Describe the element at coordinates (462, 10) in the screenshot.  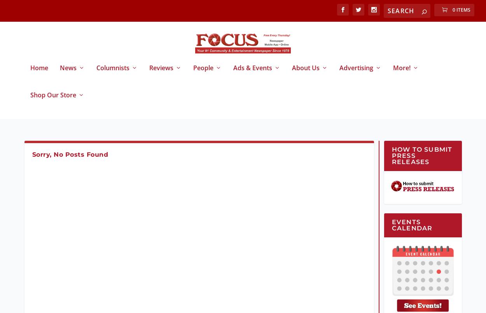
I see `'0 Items'` at that location.